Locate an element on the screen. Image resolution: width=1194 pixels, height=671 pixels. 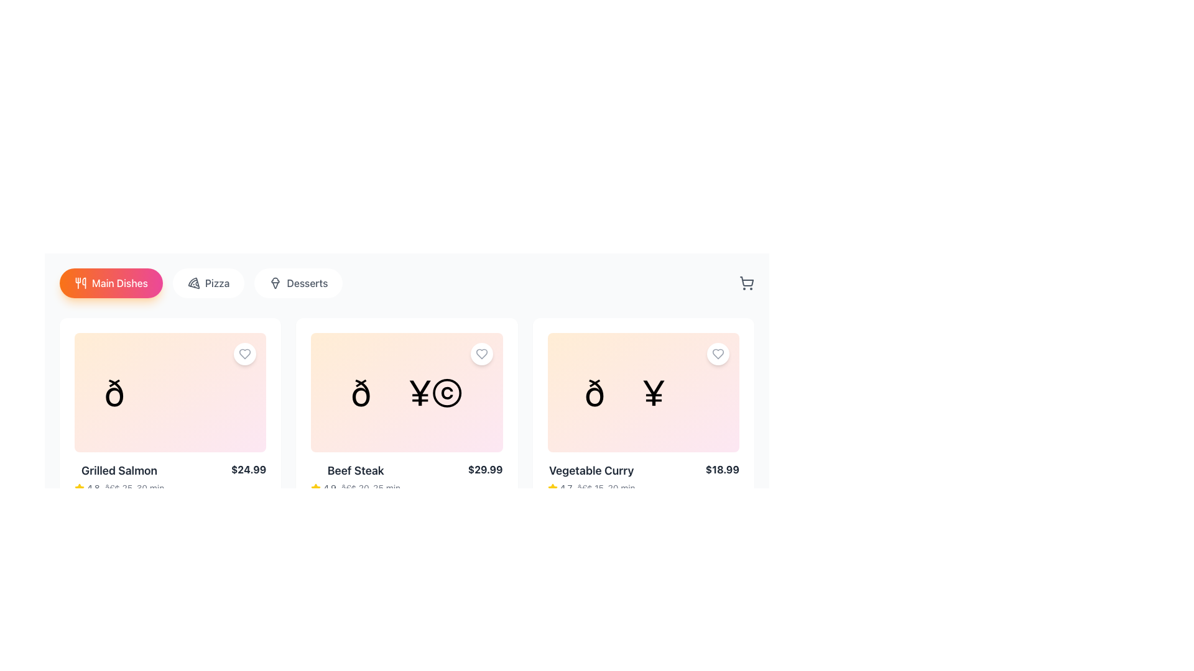
the static text element labeled '4.8', which is styled in yellow and positioned beside a star icon, indicating a rating for the product 'Grilled Salmon' is located at coordinates (86, 488).